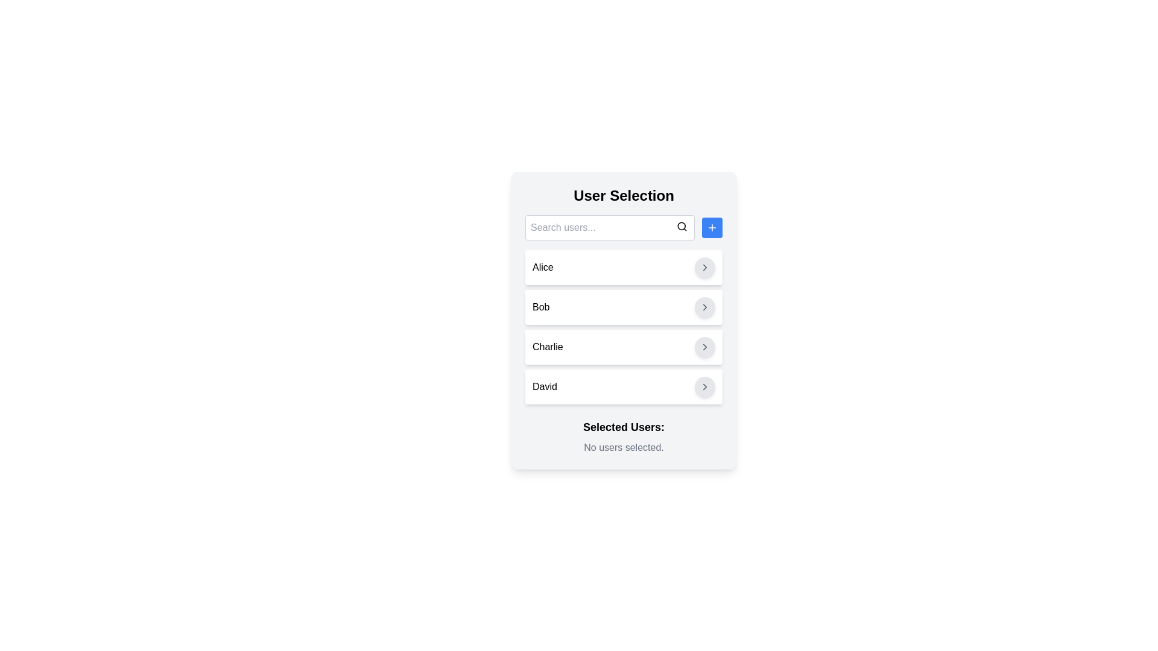 The width and height of the screenshot is (1158, 651). What do you see at coordinates (705, 347) in the screenshot?
I see `the navigation icon associated with the 'Charlie' user entry` at bounding box center [705, 347].